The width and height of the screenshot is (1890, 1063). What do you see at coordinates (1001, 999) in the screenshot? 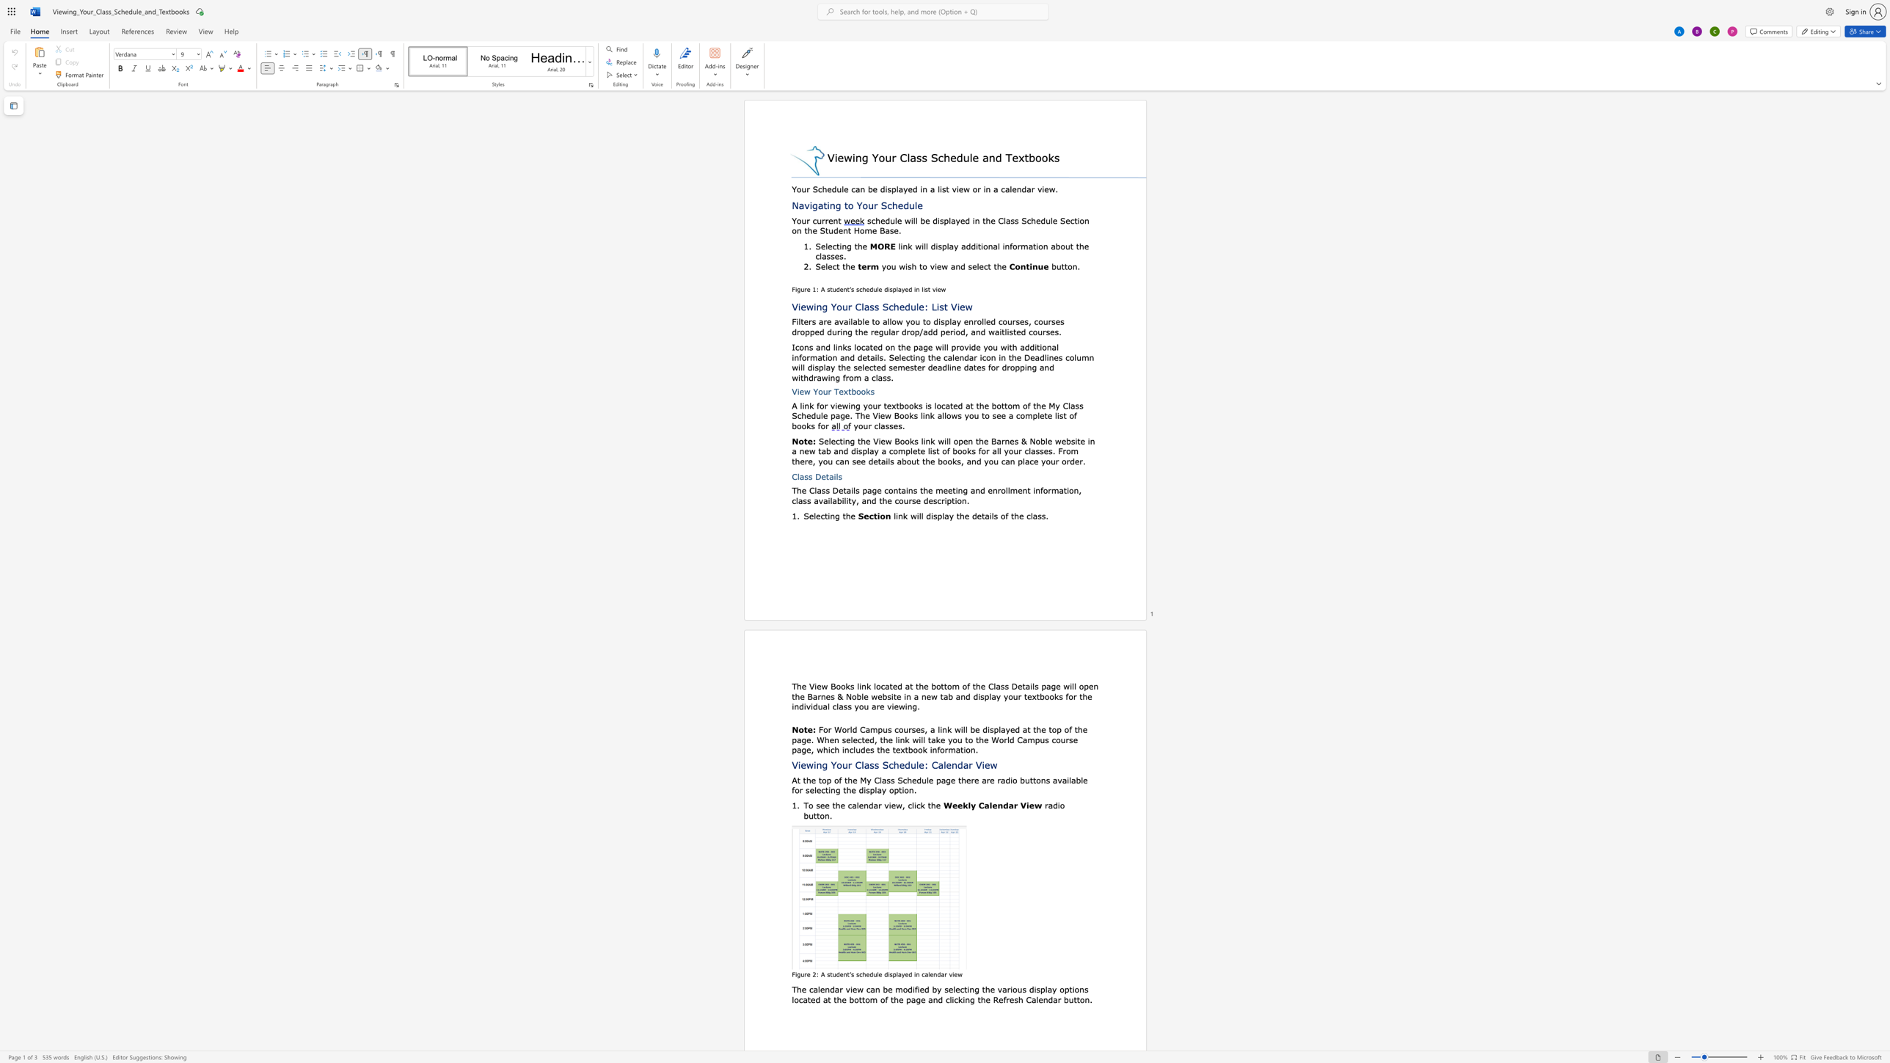
I see `the 5th character "e" in the text` at bounding box center [1001, 999].